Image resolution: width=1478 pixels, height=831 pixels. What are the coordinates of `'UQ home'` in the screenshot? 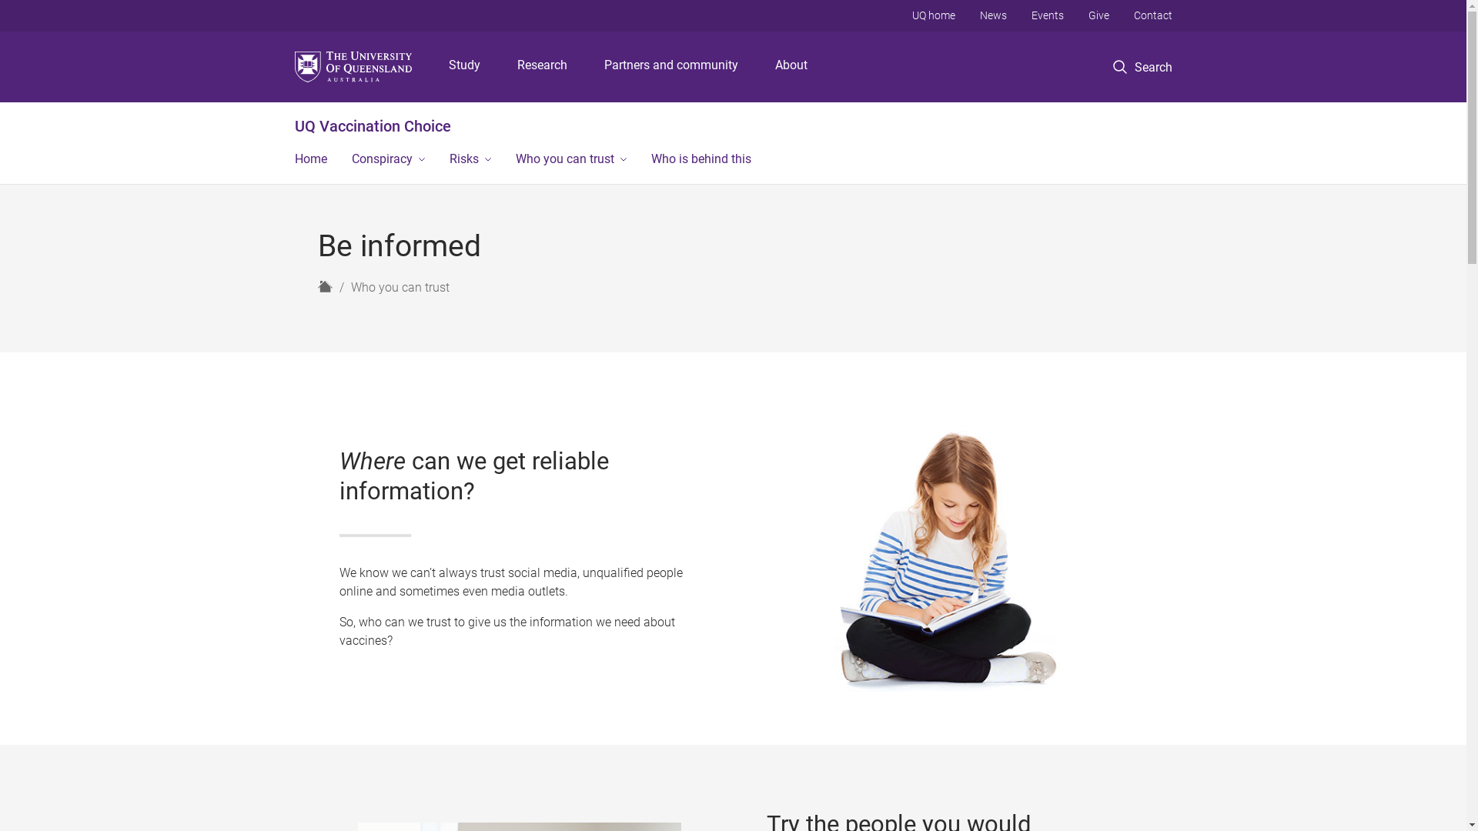 It's located at (931, 15).